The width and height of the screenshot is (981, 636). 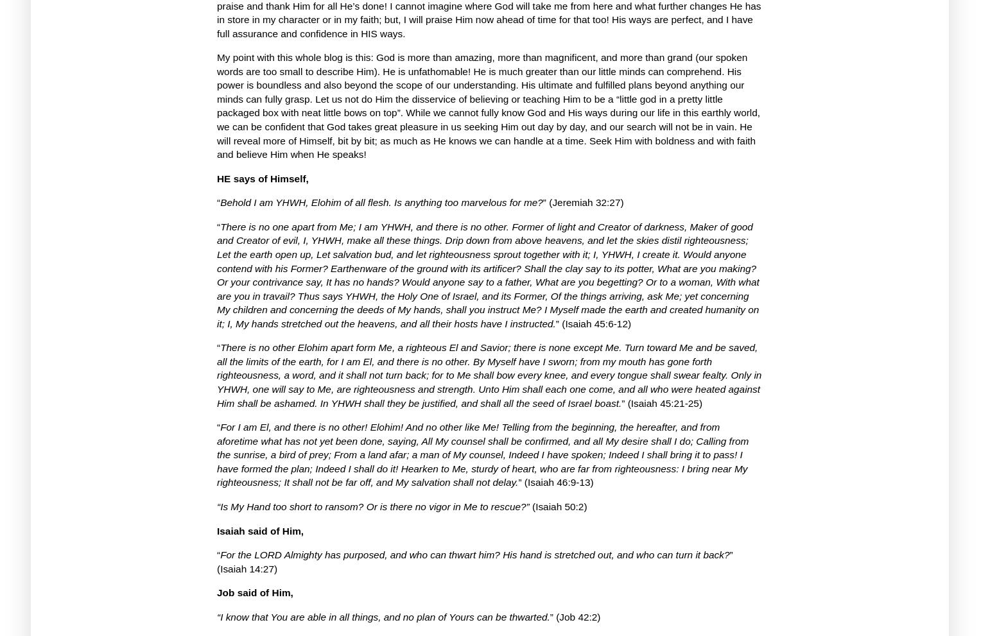 I want to click on 'For I am El, and there is no other!  Elohim! And no other like Me! Telling from the beginning, the hereafter, and from aforetime what has not yet been done, saying, All My counsel shall be confirmed, and all My desire shall I do; Calling from the sunrise, a bird of prey; From a land afar; a man of My counsel, Indeed I have spoken; Indeed I shall bring it to pass!', so click(x=482, y=440).